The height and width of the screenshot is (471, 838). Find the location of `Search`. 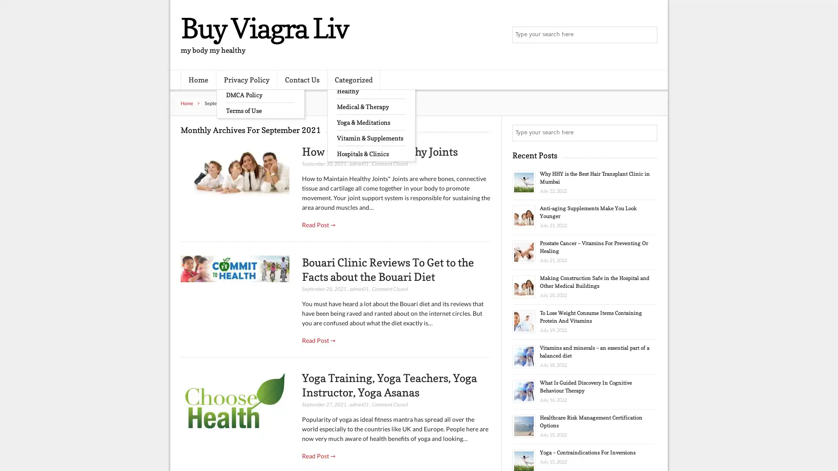

Search is located at coordinates (648, 133).